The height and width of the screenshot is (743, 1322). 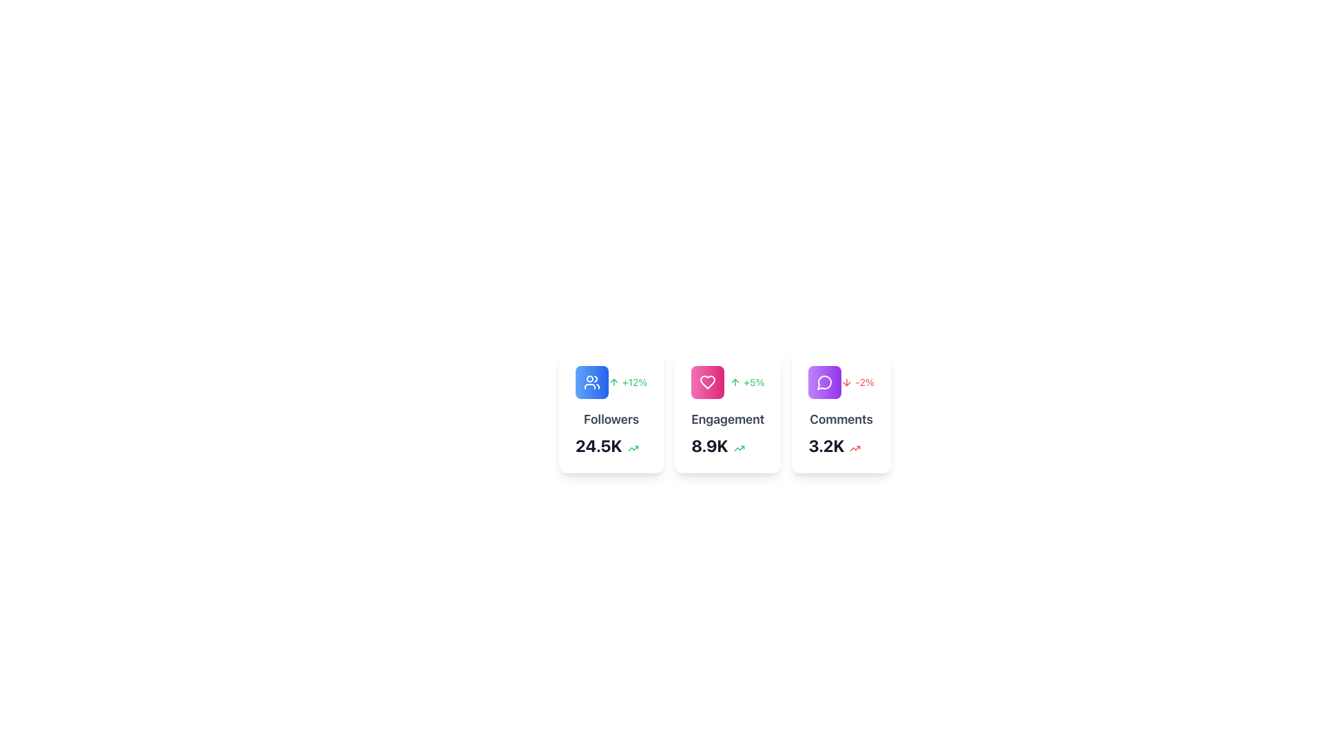 What do you see at coordinates (841, 446) in the screenshot?
I see `displayed text '3.2K' from the Statistical display with icon located in the third card labeled 'Comments'` at bounding box center [841, 446].